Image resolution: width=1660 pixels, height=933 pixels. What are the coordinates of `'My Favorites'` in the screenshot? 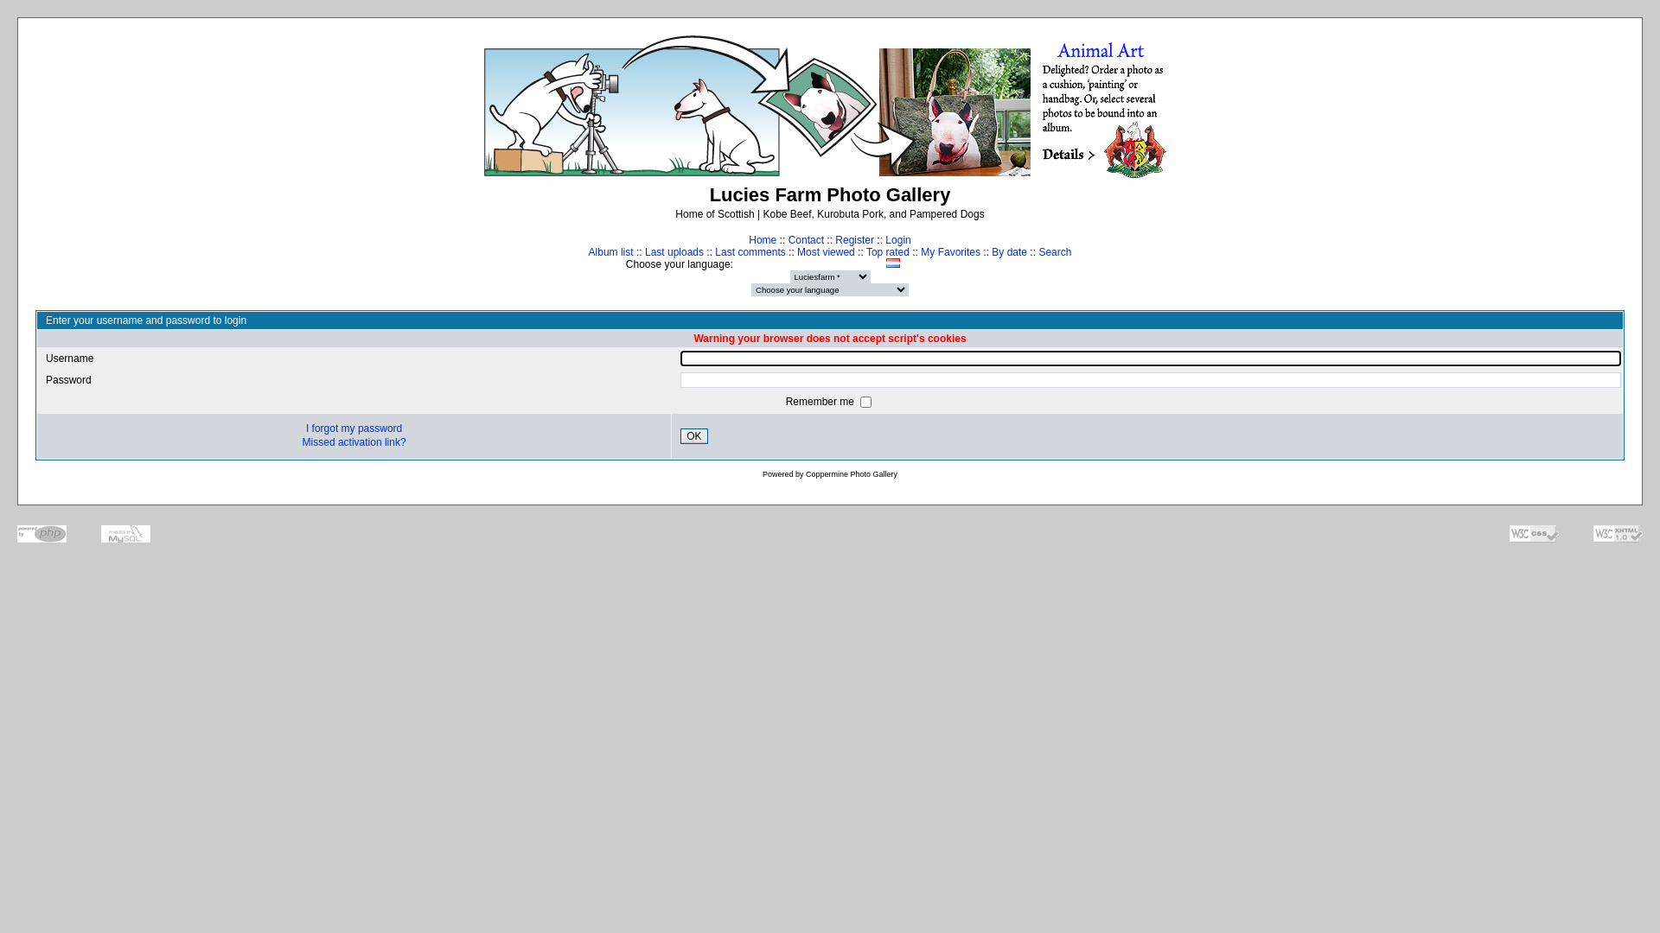 It's located at (920, 252).